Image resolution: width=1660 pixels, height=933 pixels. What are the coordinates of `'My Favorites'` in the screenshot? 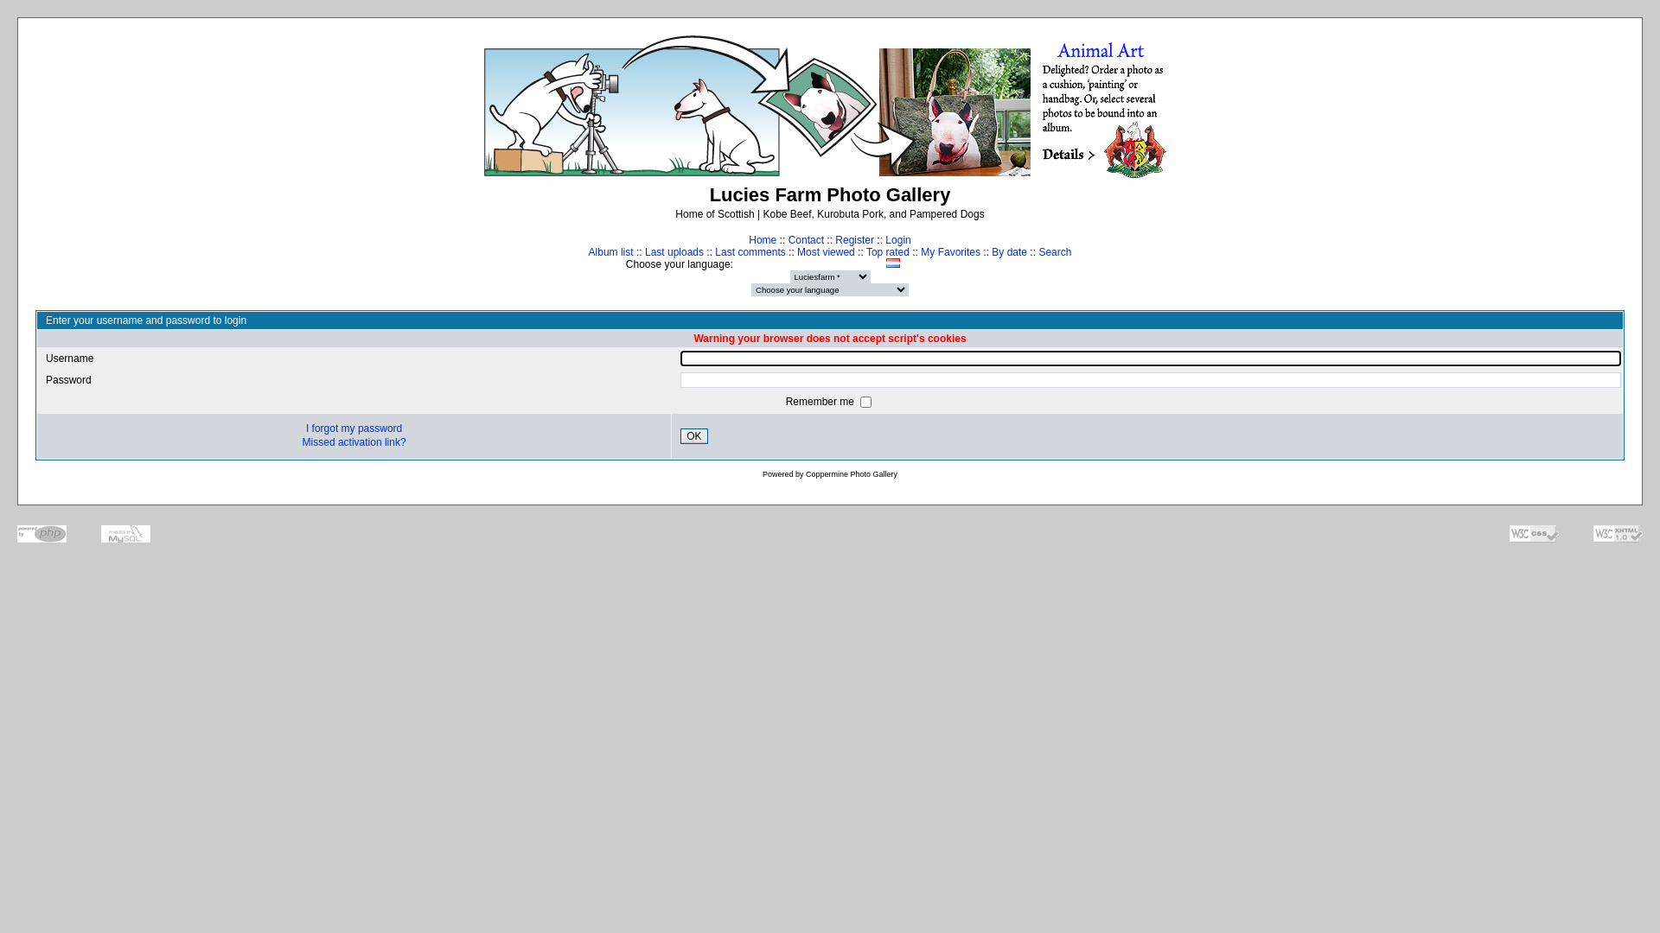 It's located at (920, 252).